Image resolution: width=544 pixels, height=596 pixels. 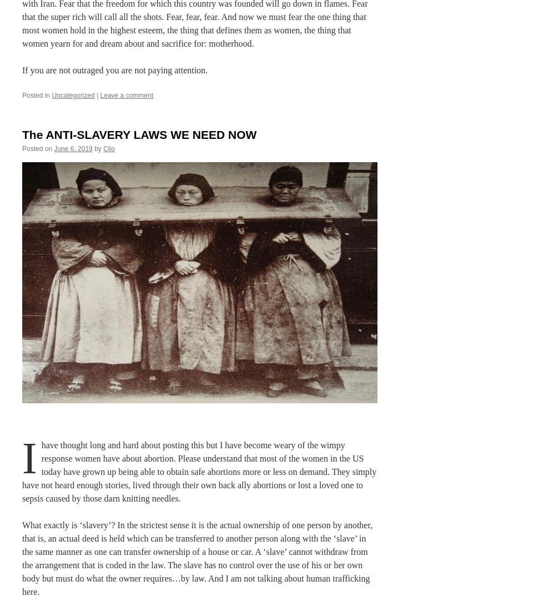 I want to click on 'Uncategorized', so click(x=73, y=94).